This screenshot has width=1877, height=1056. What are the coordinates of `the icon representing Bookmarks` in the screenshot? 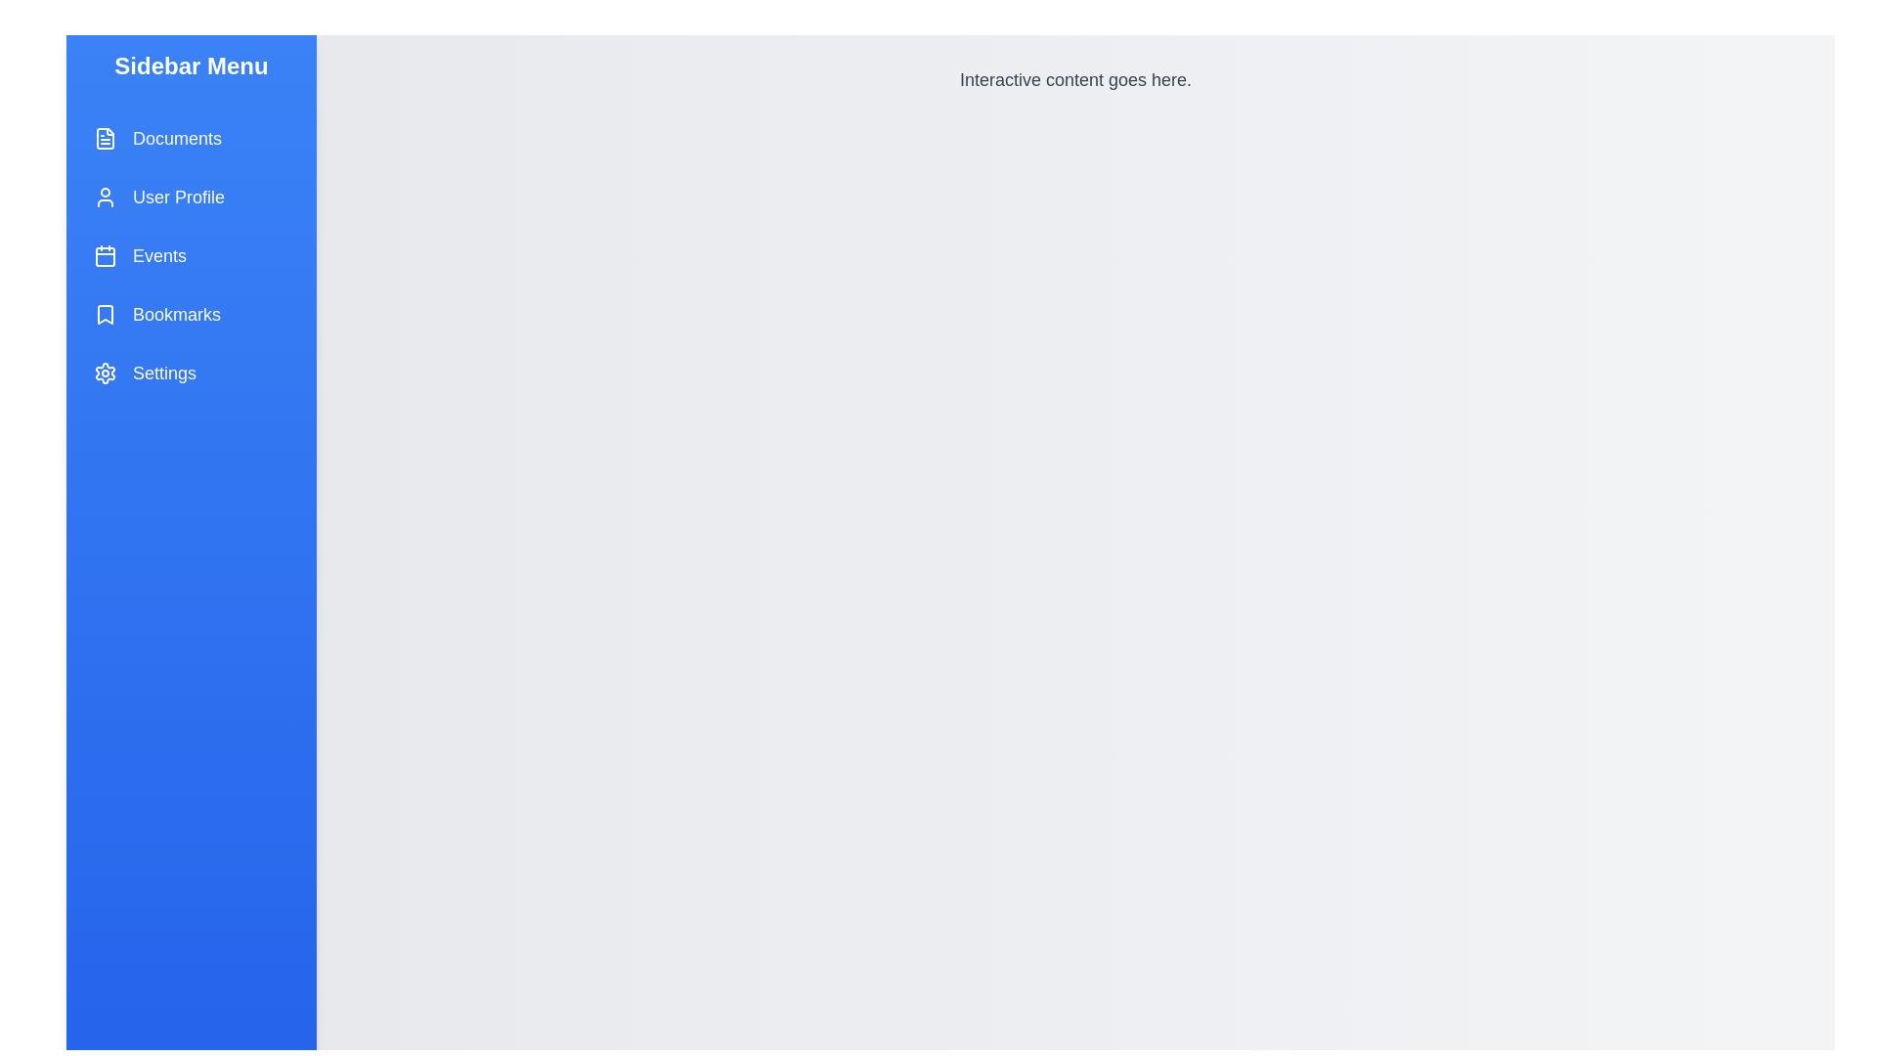 It's located at (105, 313).